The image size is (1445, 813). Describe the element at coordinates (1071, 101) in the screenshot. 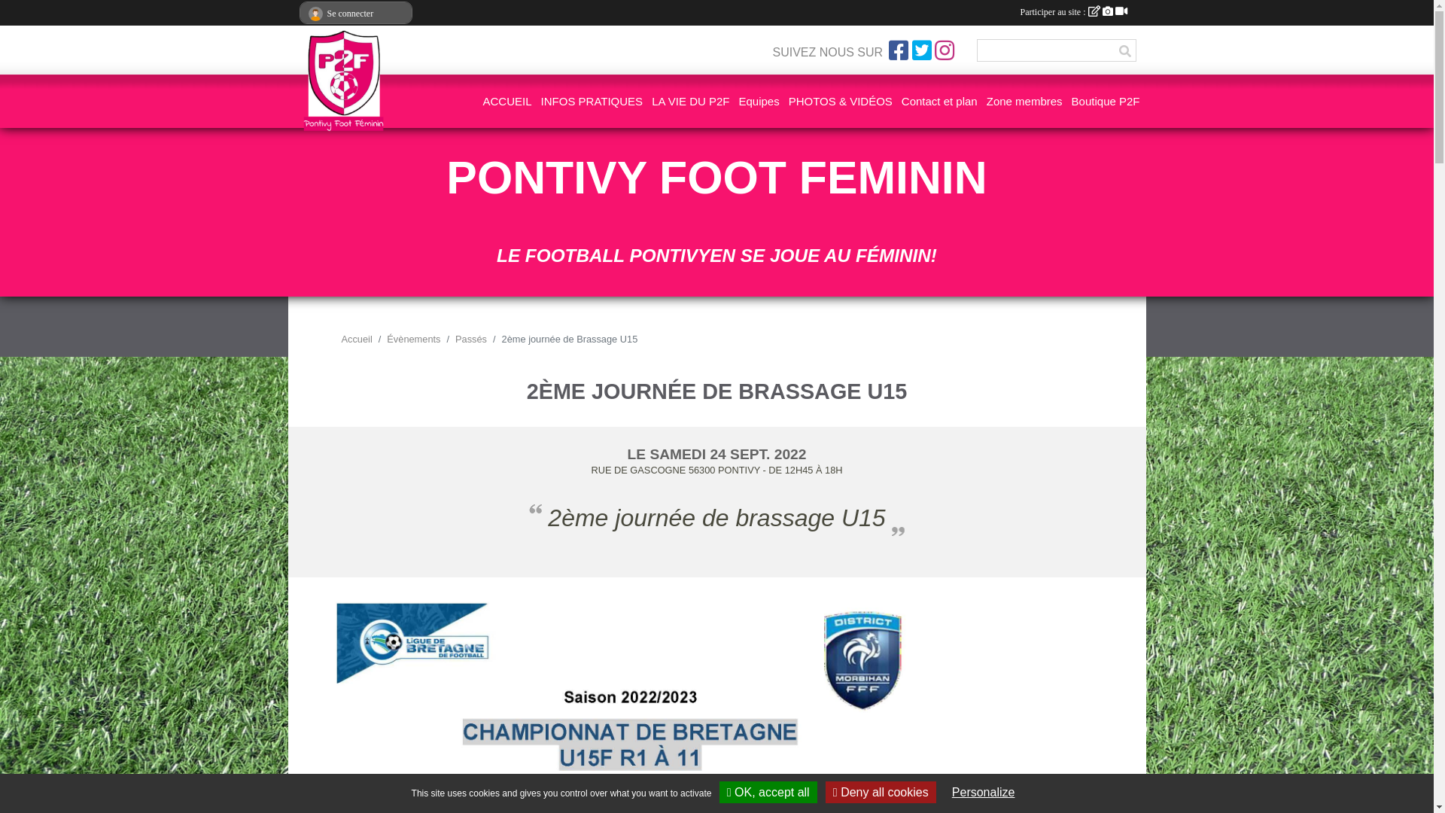

I see `'Boutique P2F'` at that location.